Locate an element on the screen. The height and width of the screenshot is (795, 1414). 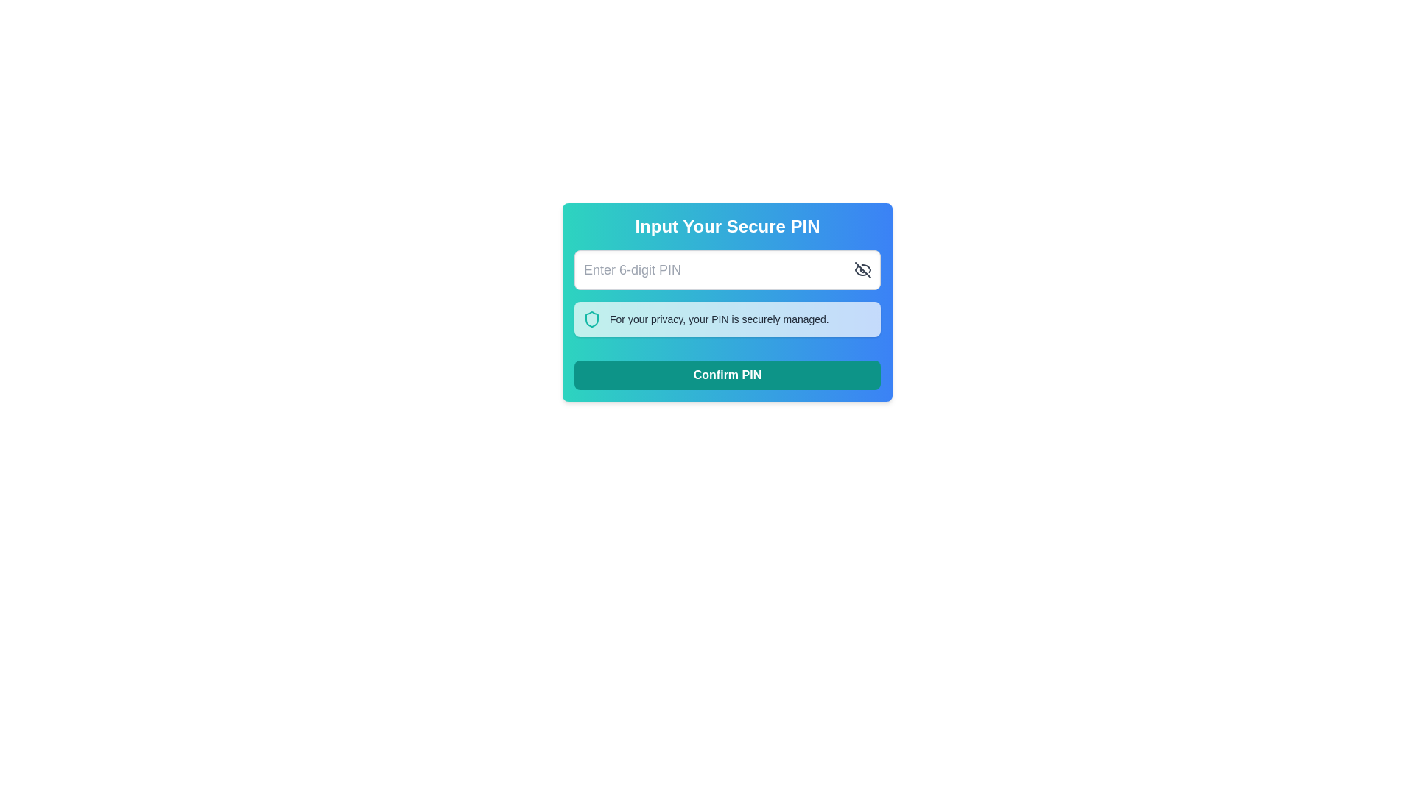
the informational banner that reassures users about the secure management of their PIN, positioned below the input field and above the 'Confirm PIN' button is located at coordinates (728, 319).